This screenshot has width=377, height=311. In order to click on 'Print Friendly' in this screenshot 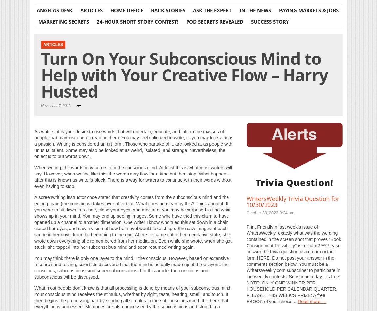, I will do `click(135, 124)`.